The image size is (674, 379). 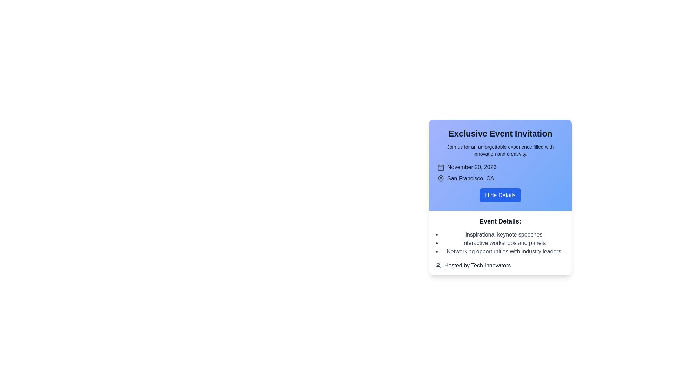 What do you see at coordinates (503, 251) in the screenshot?
I see `the informational text element about networking opportunities with industry leaders, which is the last entry in the bulleted list of event features` at bounding box center [503, 251].